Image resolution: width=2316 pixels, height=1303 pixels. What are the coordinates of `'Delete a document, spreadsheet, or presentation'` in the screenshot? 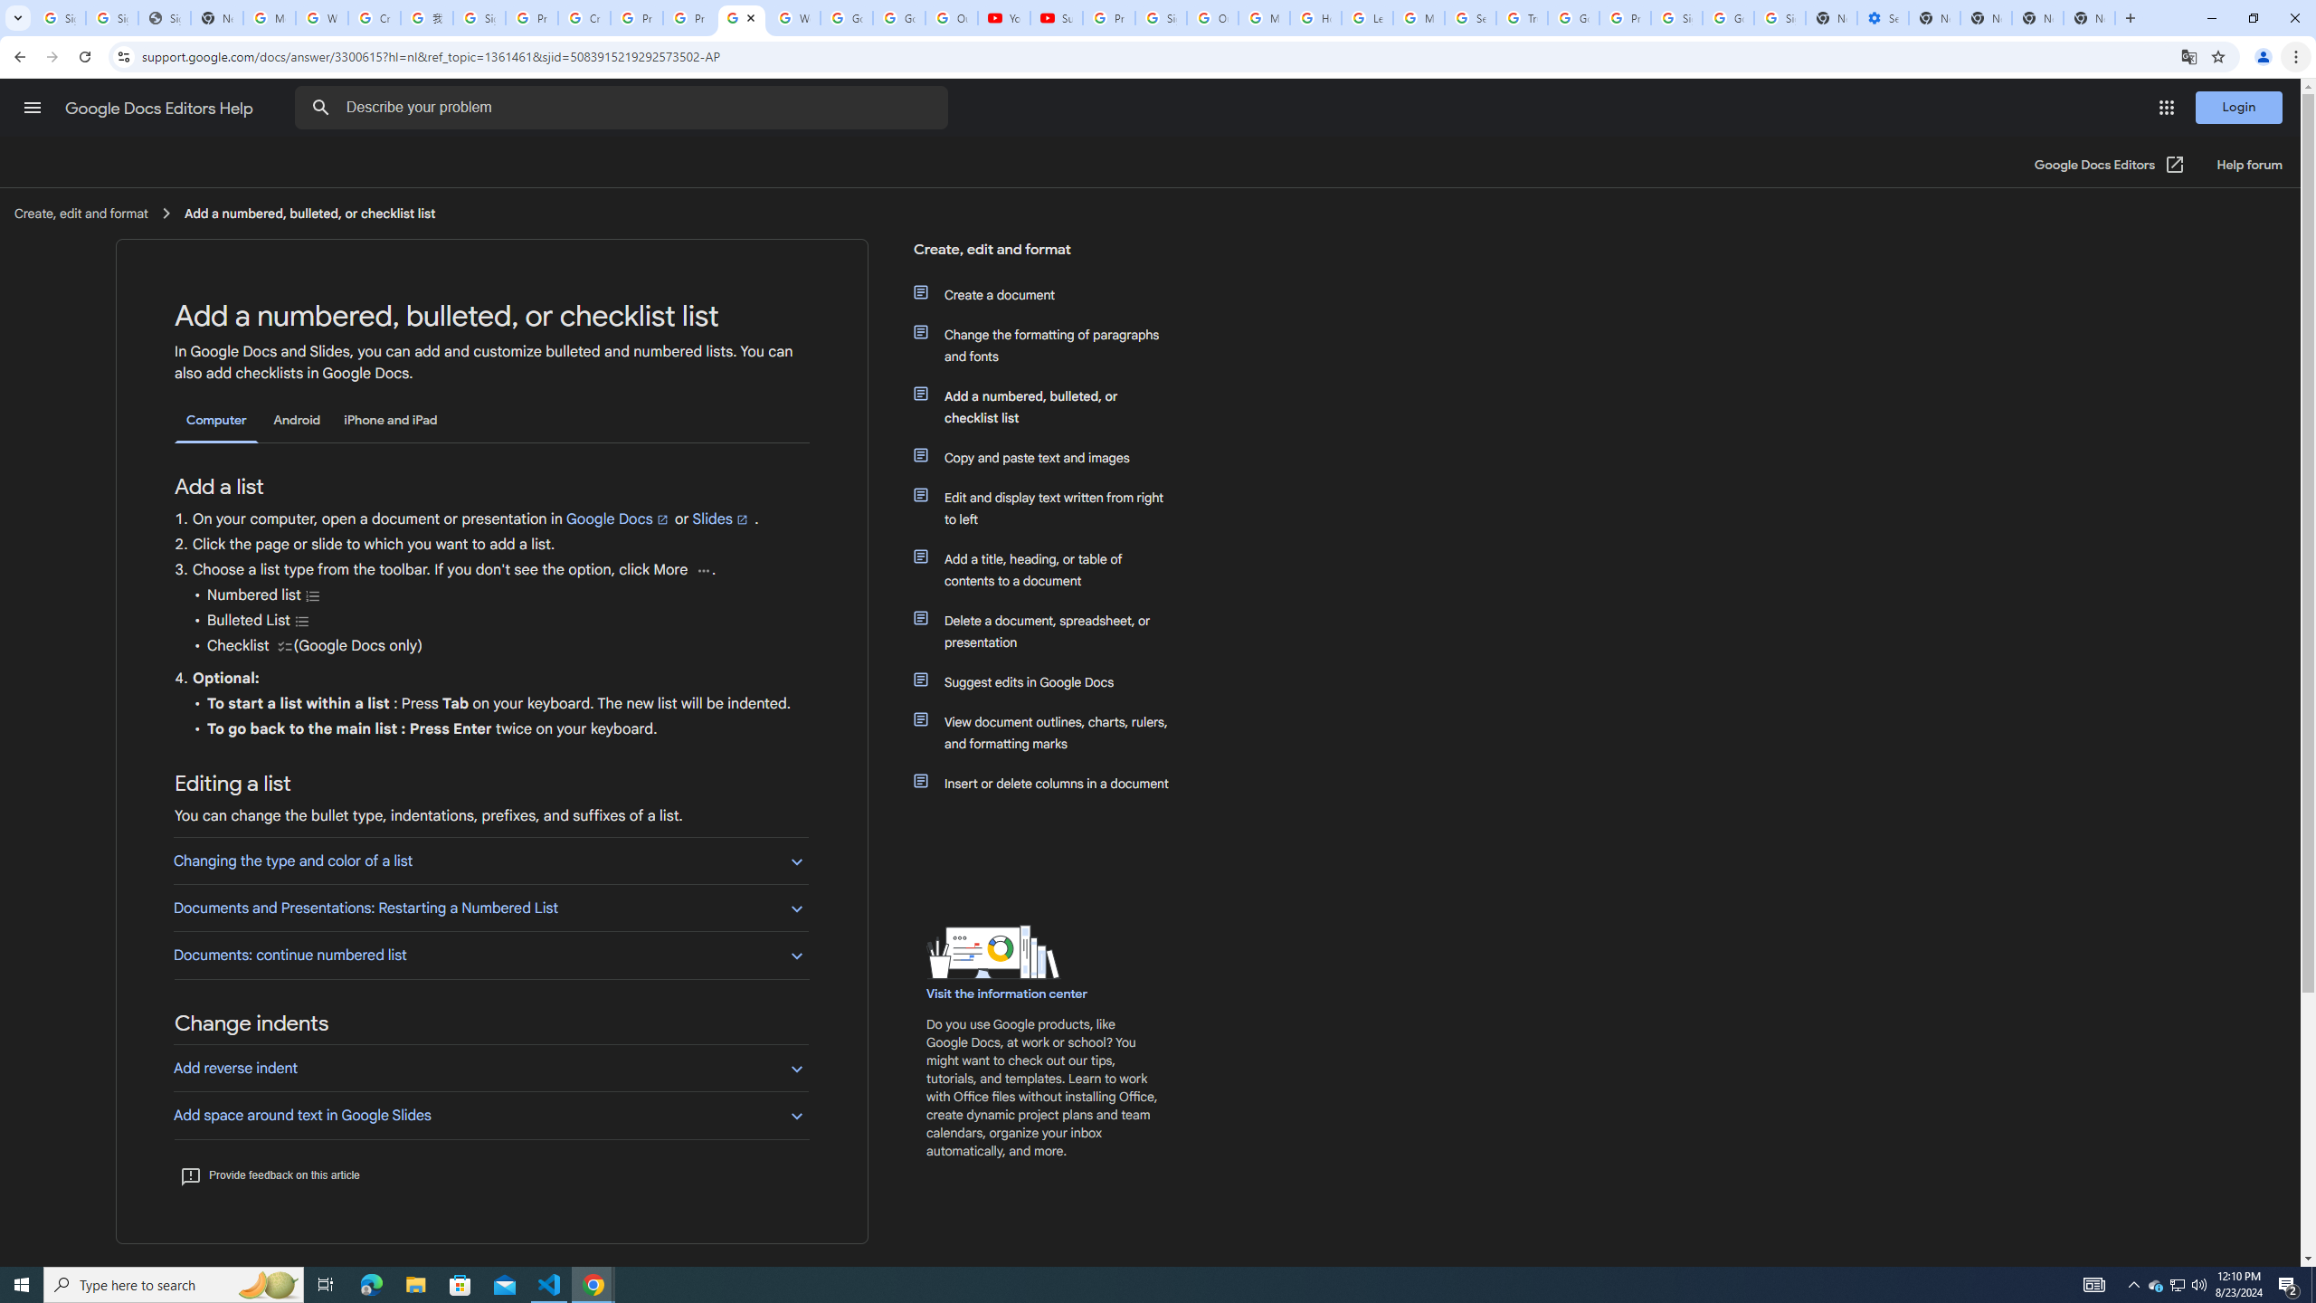 It's located at (1051, 631).